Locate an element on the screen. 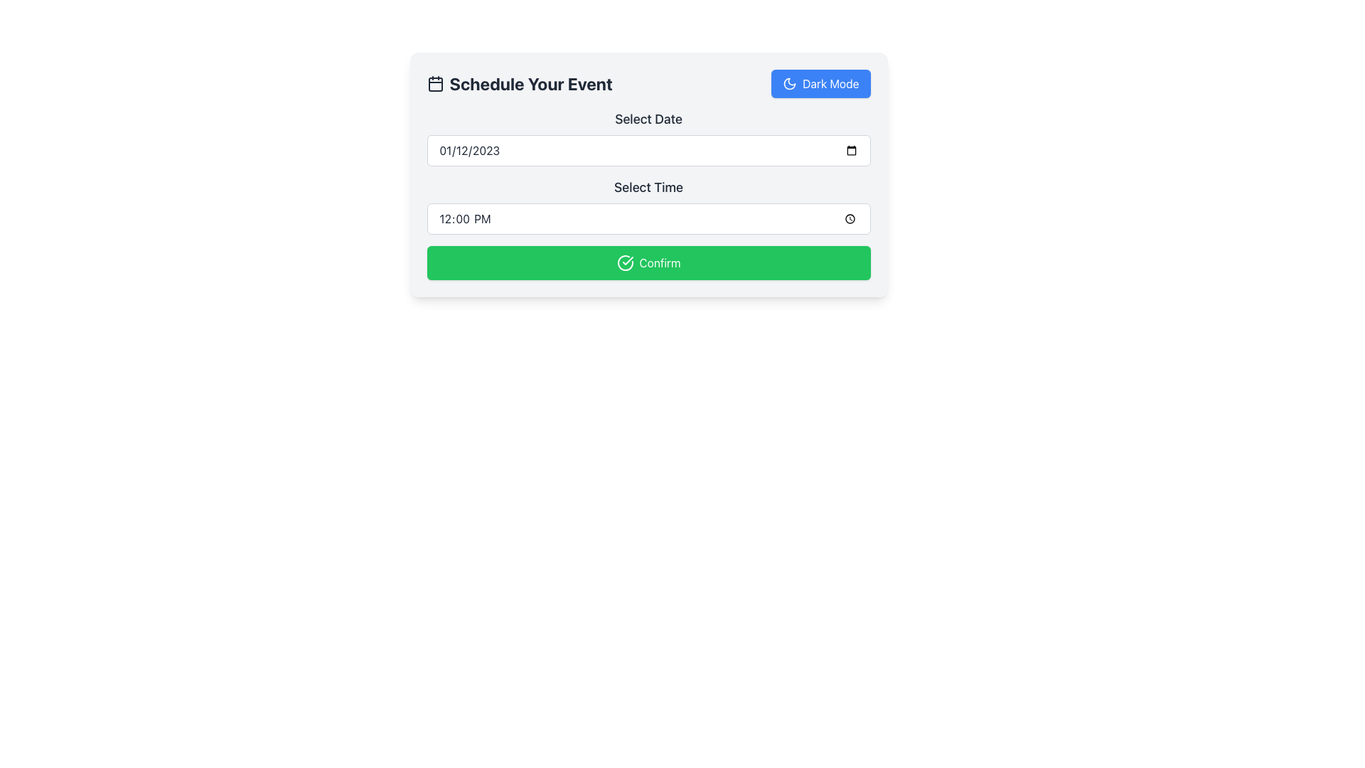  the SVG calendar icon located to the left of 'Schedule Your Event', which is styled with a square outline, rounded corners, and a black stroke color is located at coordinates (434, 84).